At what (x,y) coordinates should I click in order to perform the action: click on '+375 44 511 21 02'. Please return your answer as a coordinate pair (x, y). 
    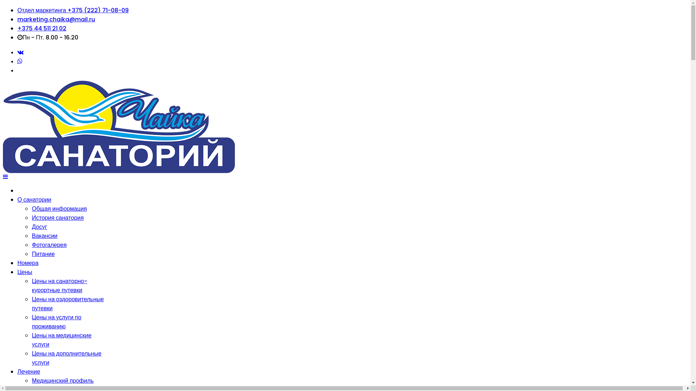
    Looking at the image, I should click on (41, 28).